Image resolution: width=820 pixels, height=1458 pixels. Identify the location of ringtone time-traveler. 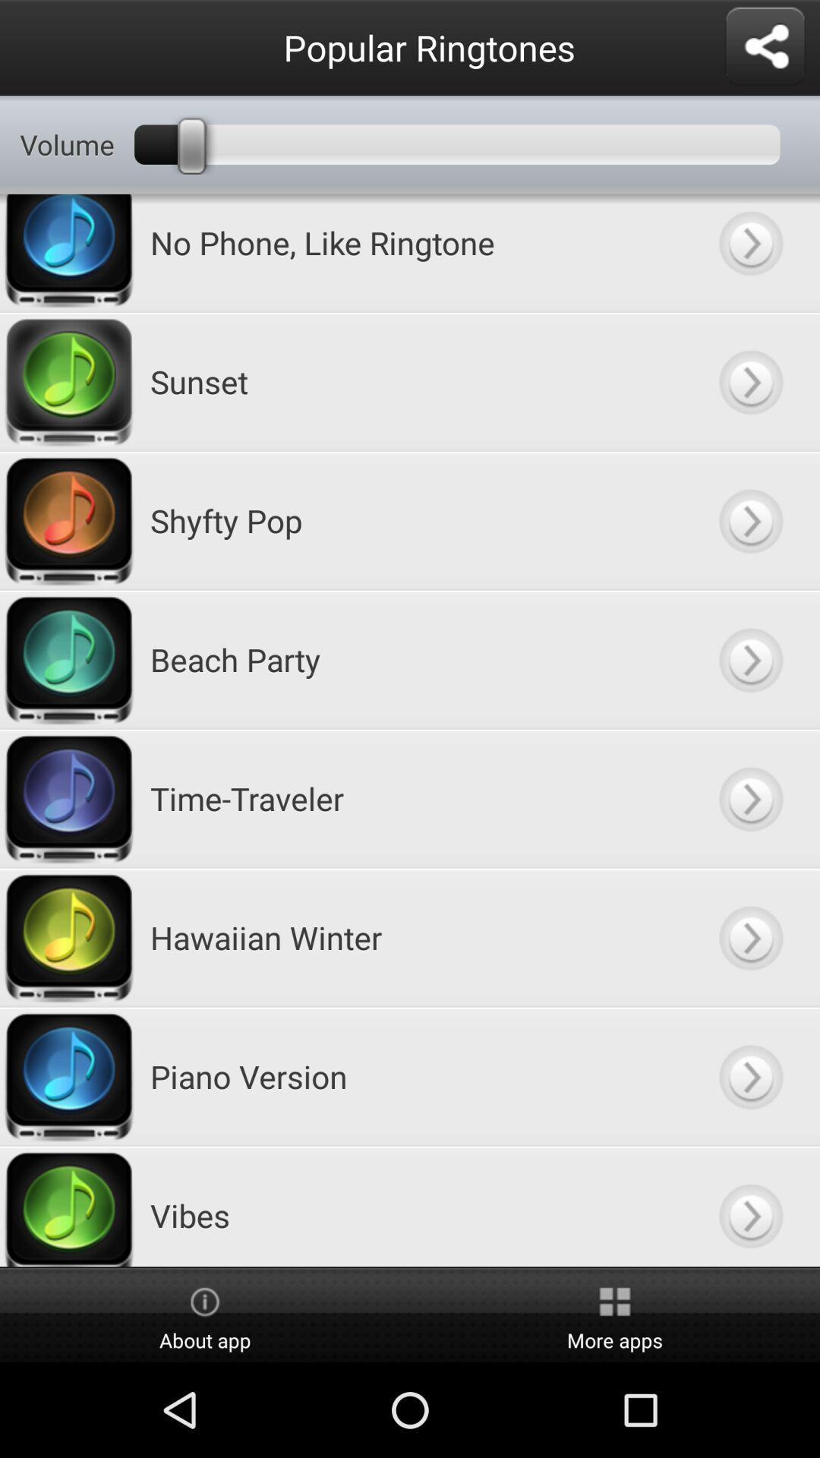
(749, 797).